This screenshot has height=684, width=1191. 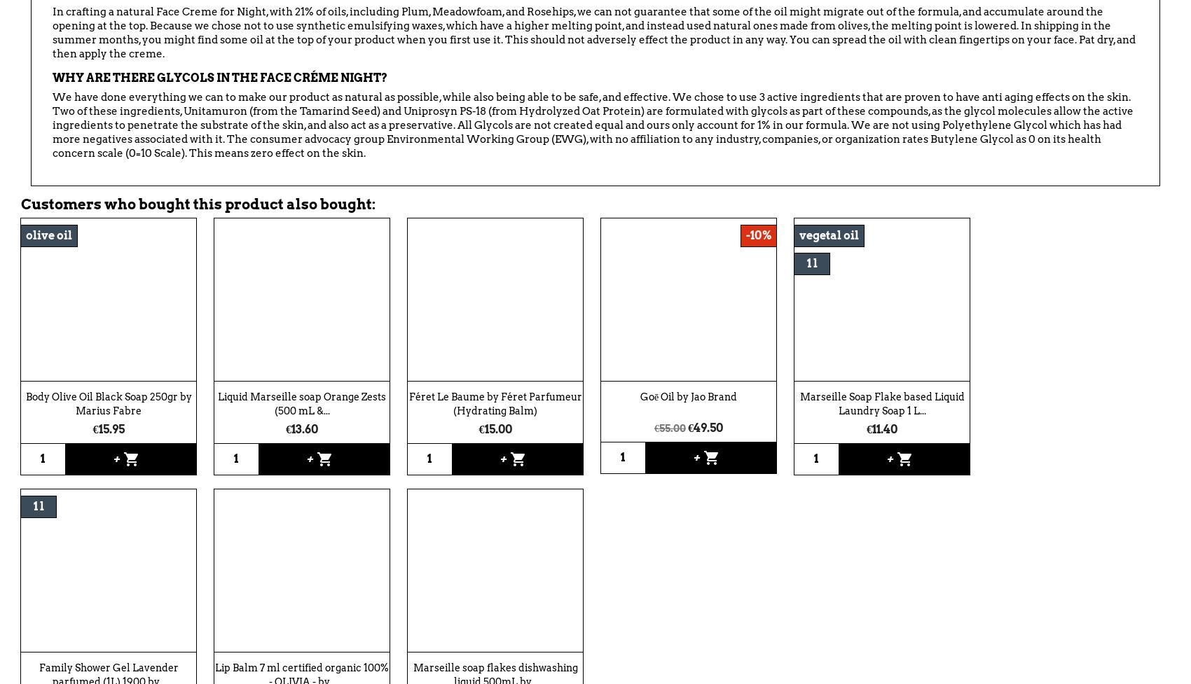 I want to click on '-10%', so click(x=759, y=235).